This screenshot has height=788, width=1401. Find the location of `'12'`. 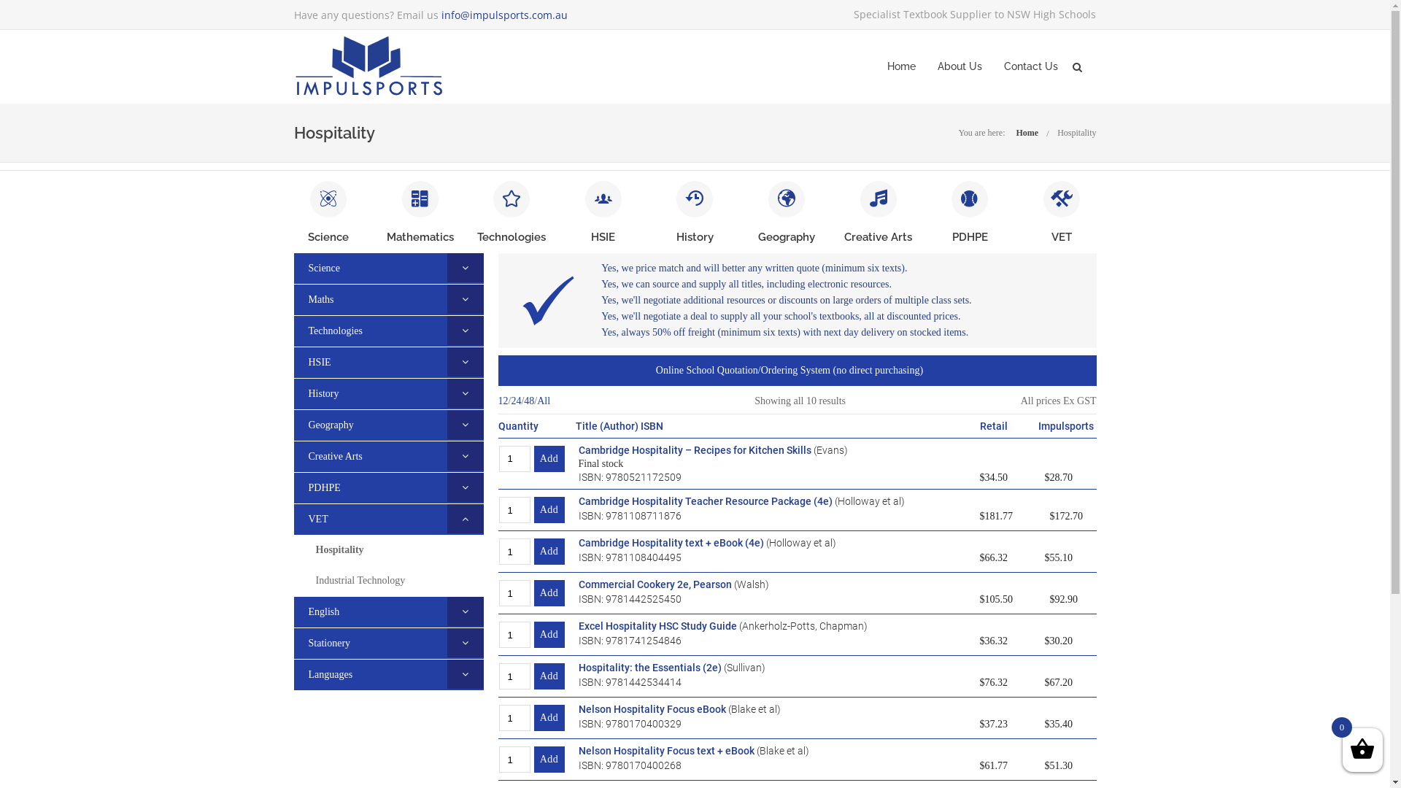

'12' is located at coordinates (503, 401).